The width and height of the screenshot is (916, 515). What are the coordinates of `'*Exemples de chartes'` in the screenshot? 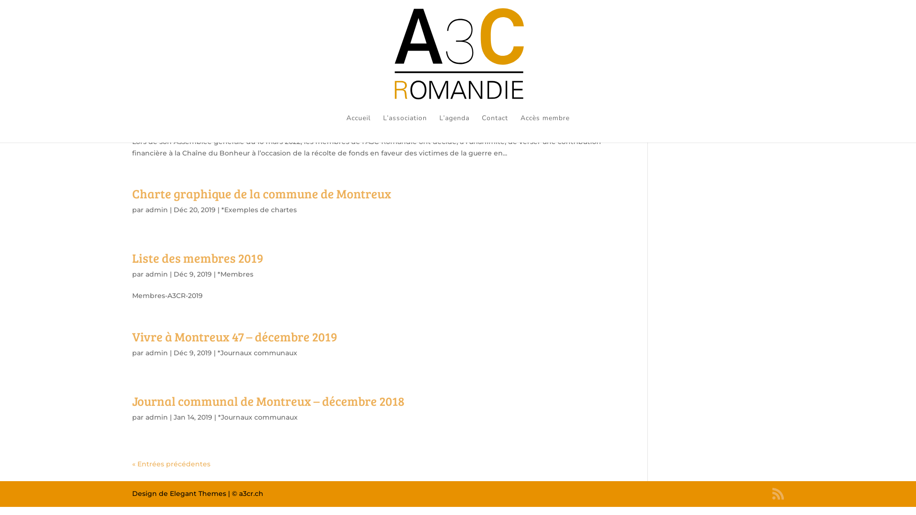 It's located at (259, 209).